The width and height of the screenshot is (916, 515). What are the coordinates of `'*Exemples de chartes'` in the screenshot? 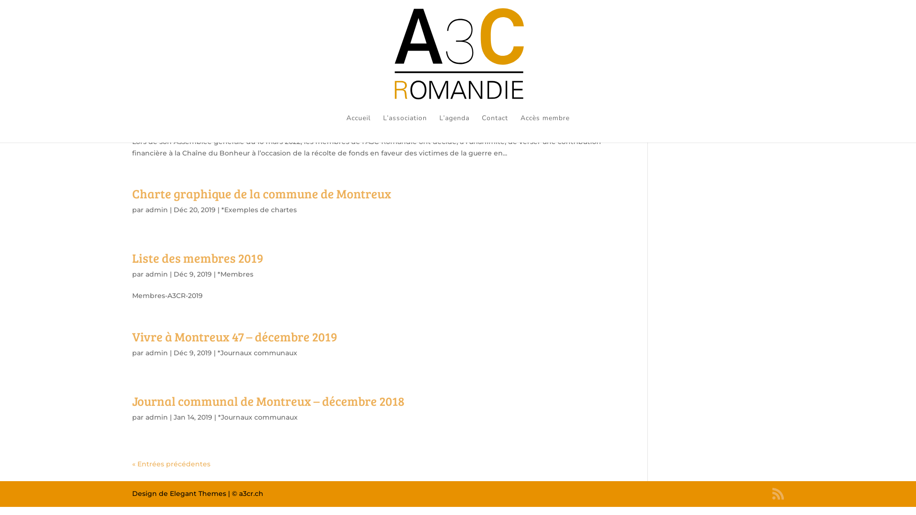 It's located at (259, 209).